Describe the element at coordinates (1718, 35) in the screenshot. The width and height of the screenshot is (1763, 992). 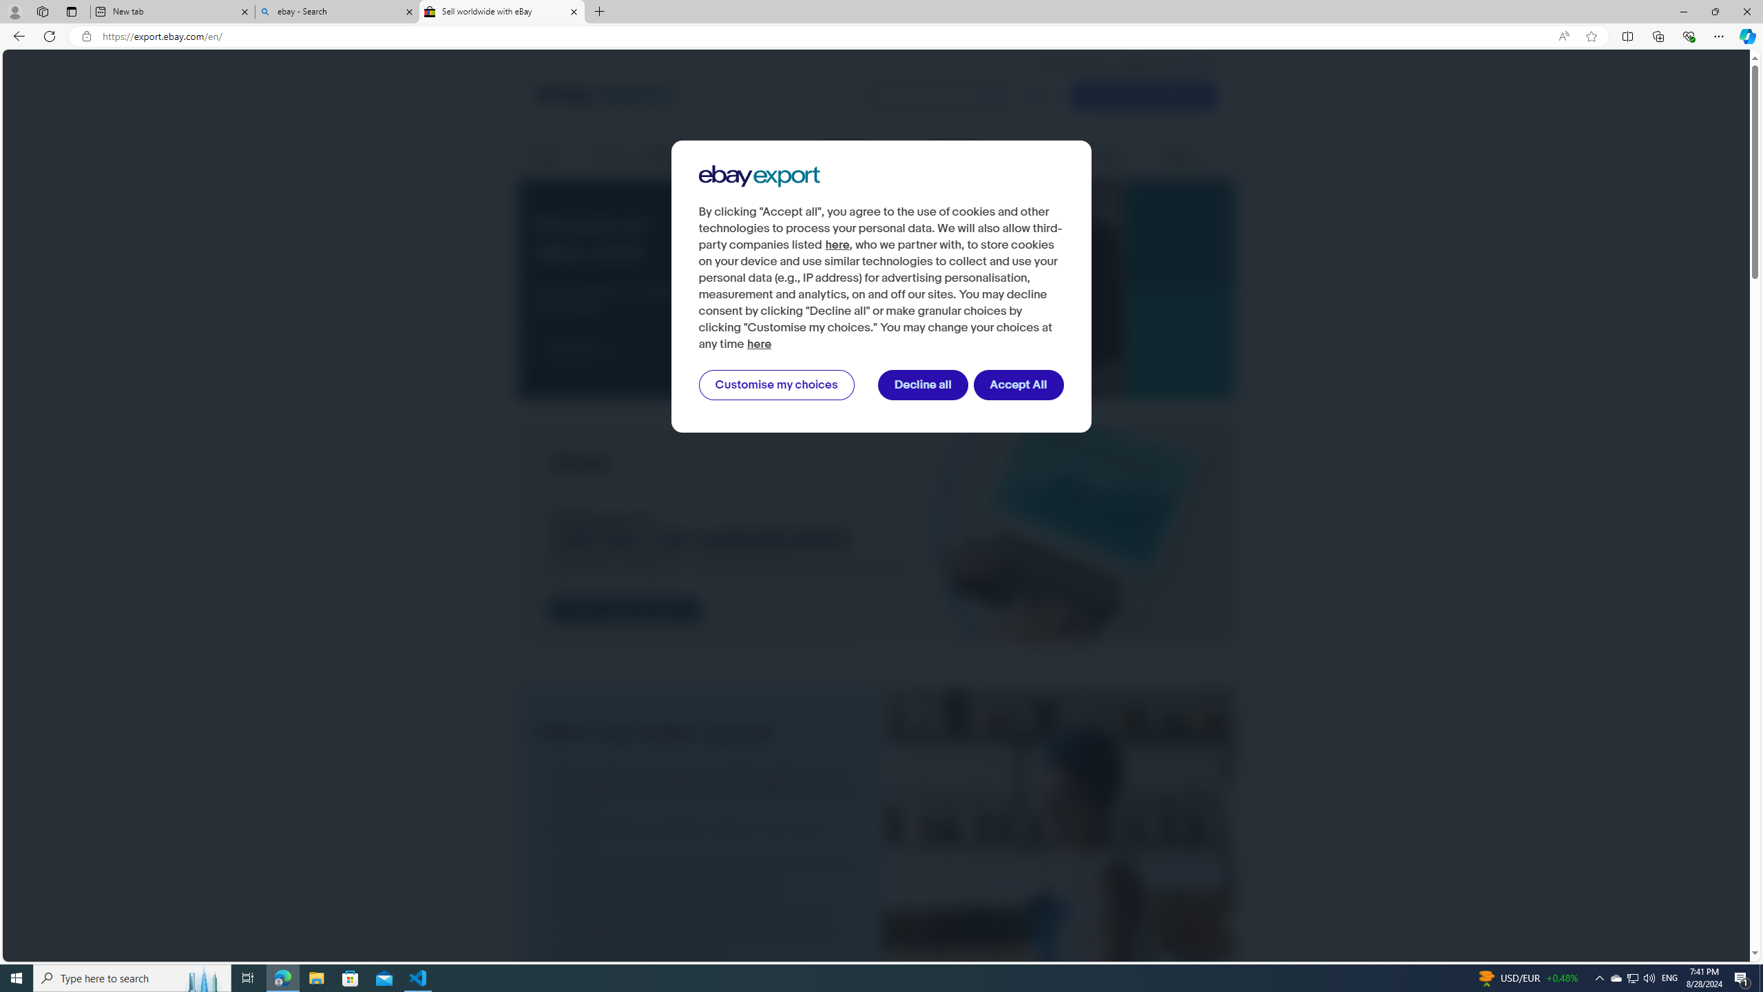
I see `'Settings and more (Alt+F)'` at that location.